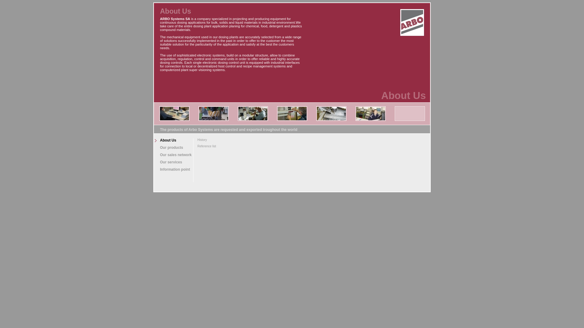  I want to click on 'Our sales network', so click(173, 154).